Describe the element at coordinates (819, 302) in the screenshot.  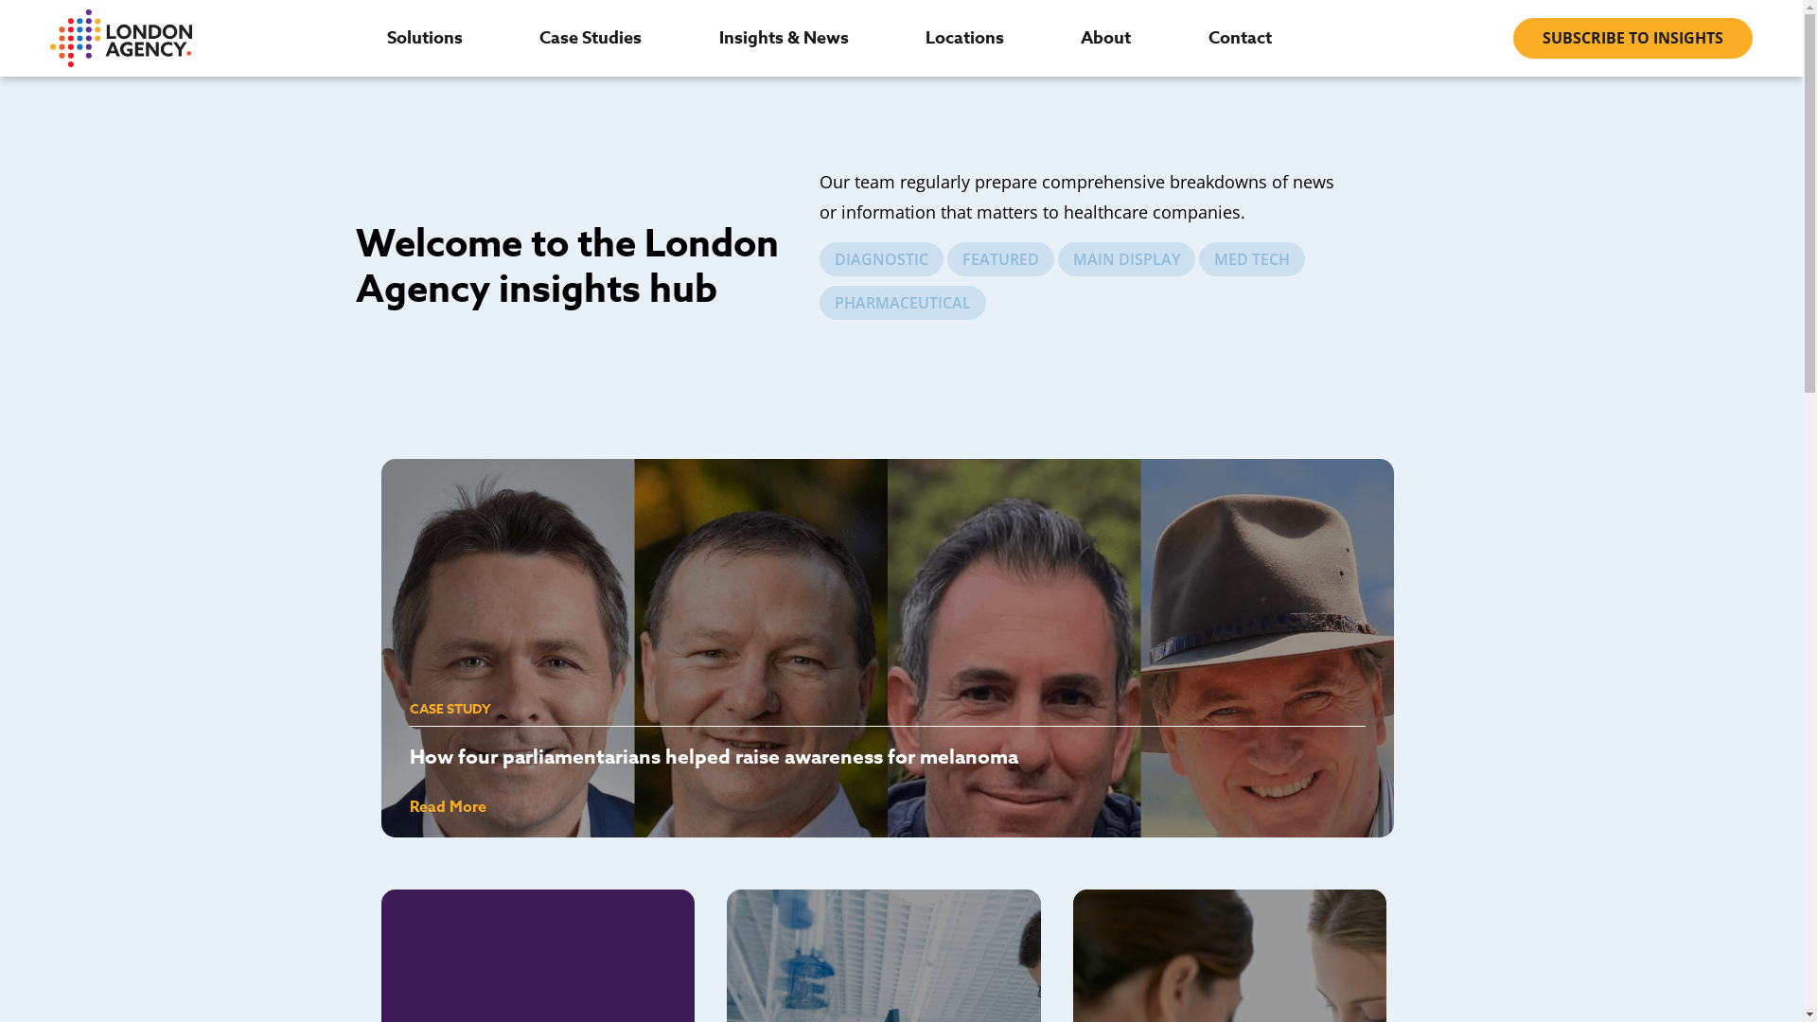
I see `'PHARMACEUTICAL'` at that location.